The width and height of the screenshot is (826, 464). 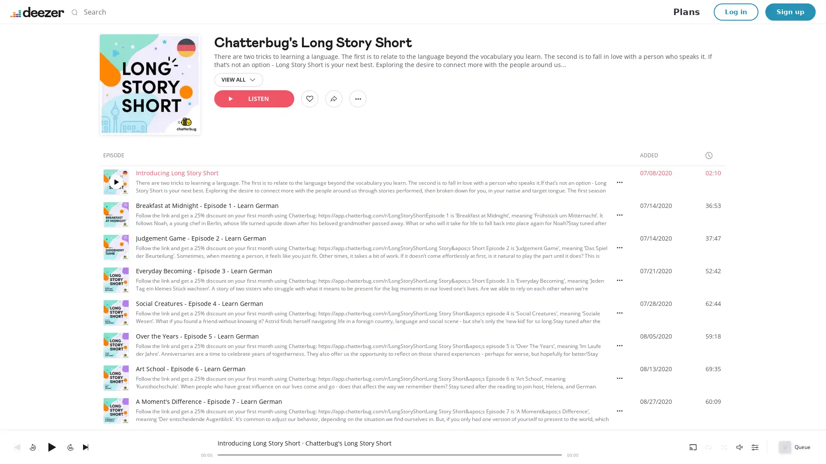 I want to click on Skip back 30 seconds, so click(x=33, y=446).